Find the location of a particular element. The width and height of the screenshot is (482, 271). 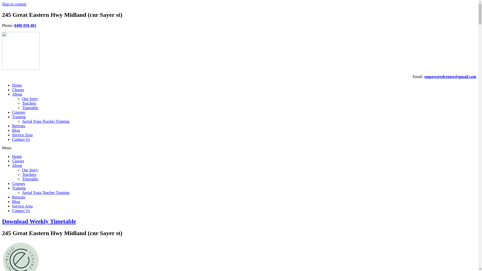

'Aerial Yoga Teacher Training' is located at coordinates (46, 192).